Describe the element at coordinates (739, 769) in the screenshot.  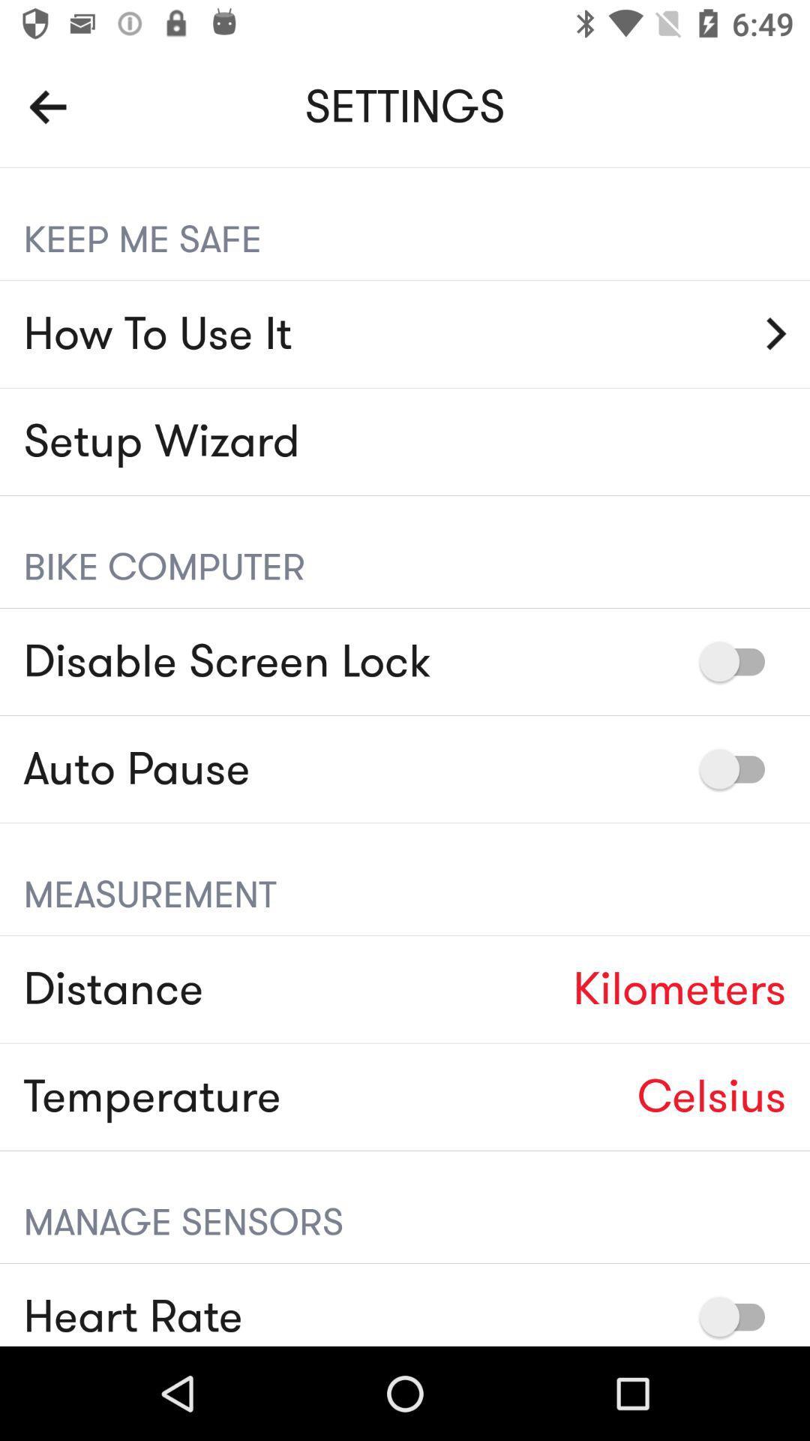
I see `auto pause option` at that location.